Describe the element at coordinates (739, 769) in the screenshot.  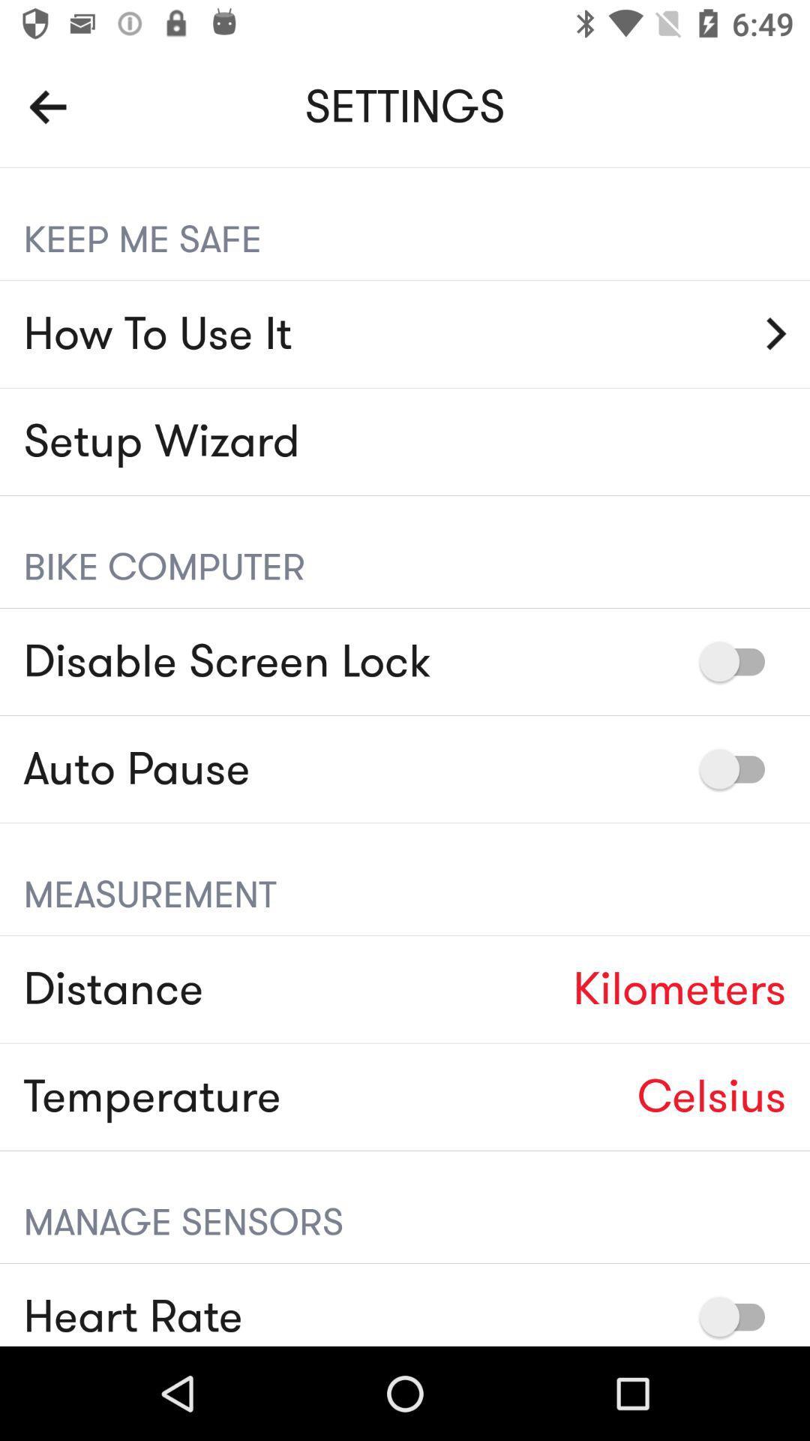
I see `auto pause option` at that location.